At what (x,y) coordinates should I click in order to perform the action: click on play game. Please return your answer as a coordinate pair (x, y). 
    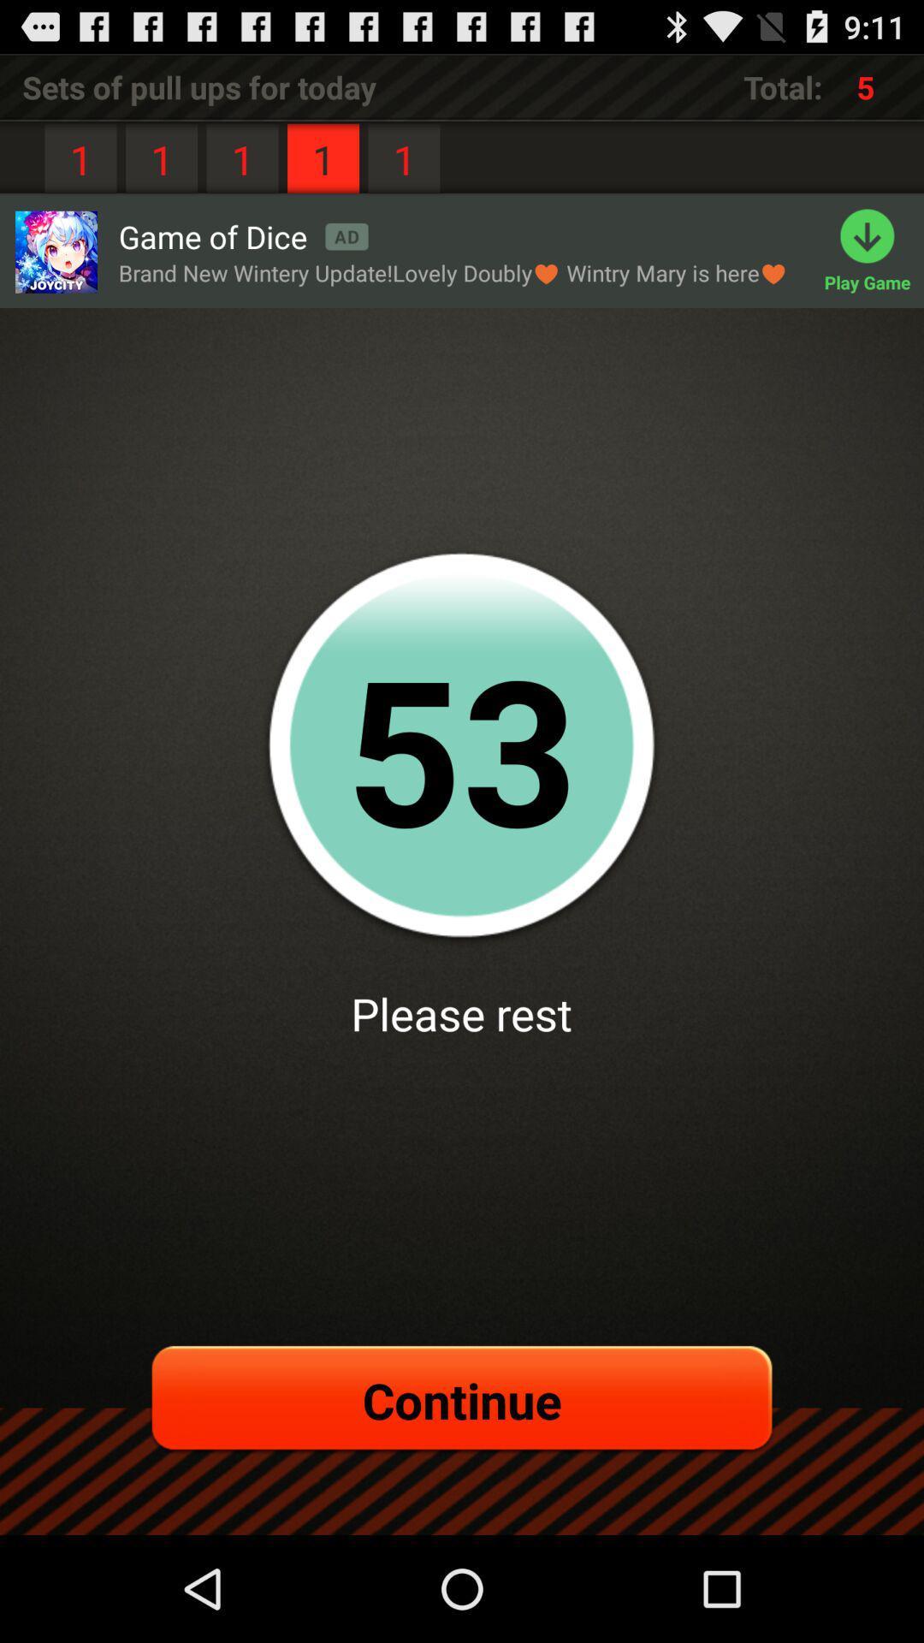
    Looking at the image, I should click on (874, 251).